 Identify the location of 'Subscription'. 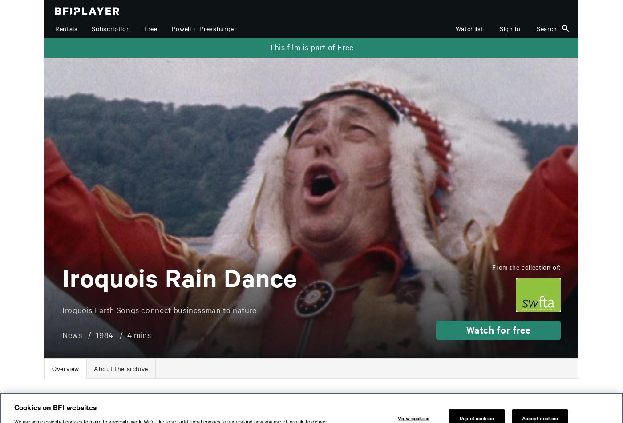
(91, 28).